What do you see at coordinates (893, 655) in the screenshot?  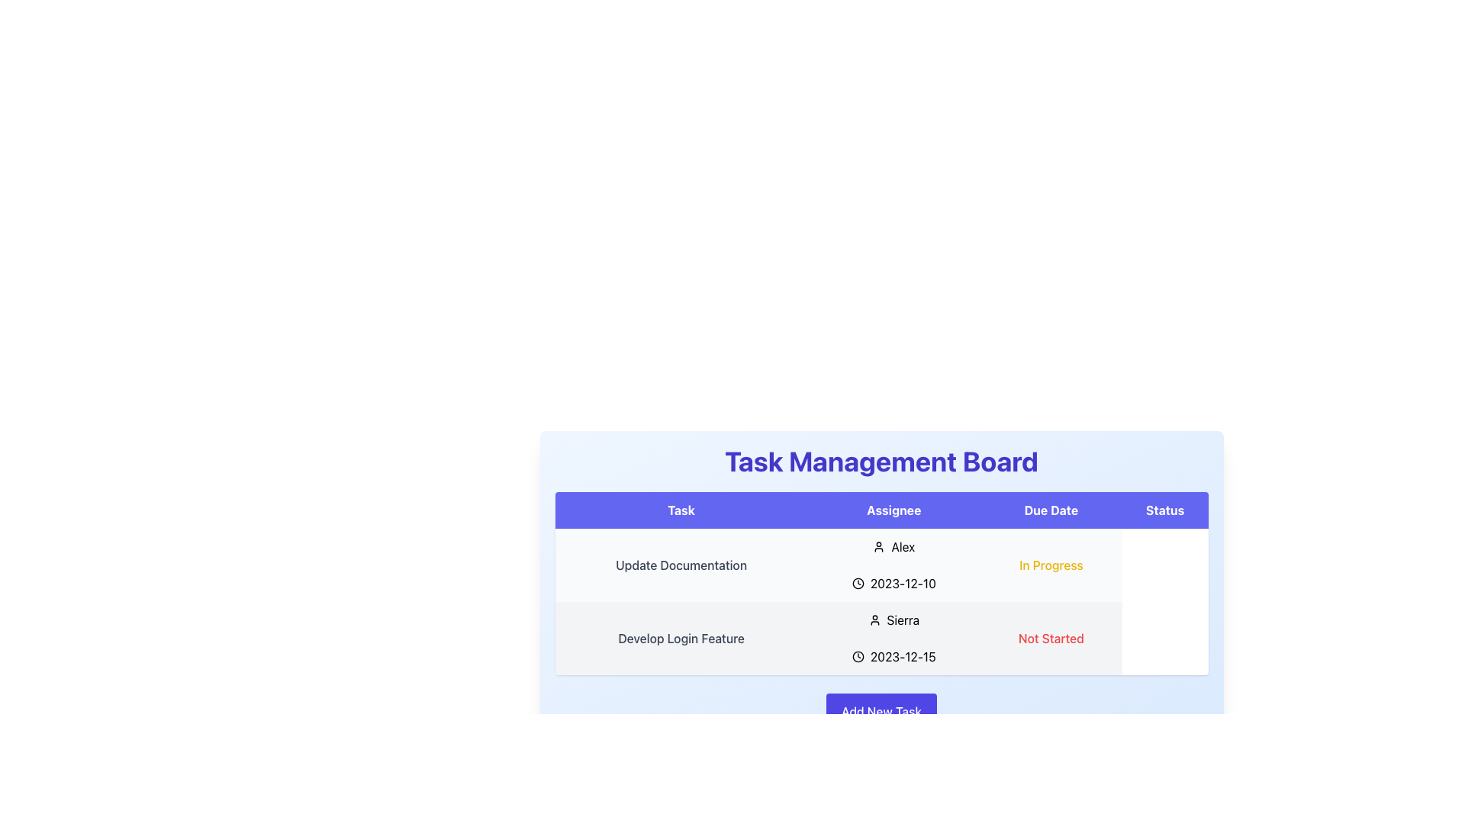 I see `displayed due date for the task 'Develop Login Feature' located in the second row of the task table under the 'Due Date' column` at bounding box center [893, 655].